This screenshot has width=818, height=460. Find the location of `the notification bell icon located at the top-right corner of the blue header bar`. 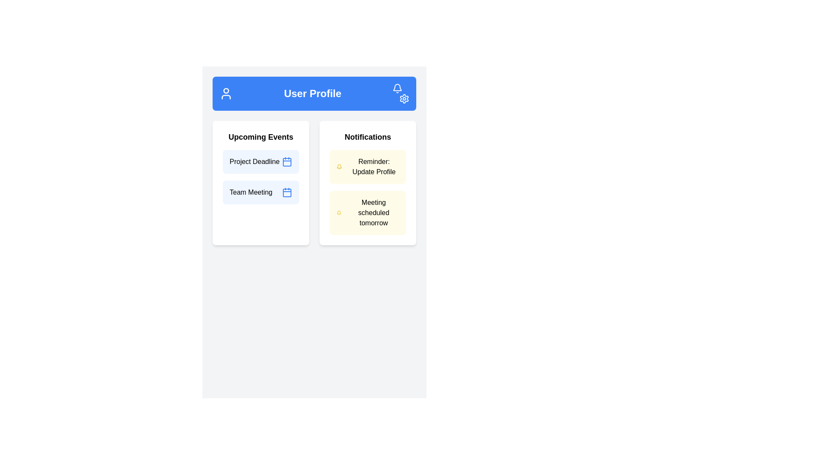

the notification bell icon located at the top-right corner of the blue header bar is located at coordinates (397, 89).